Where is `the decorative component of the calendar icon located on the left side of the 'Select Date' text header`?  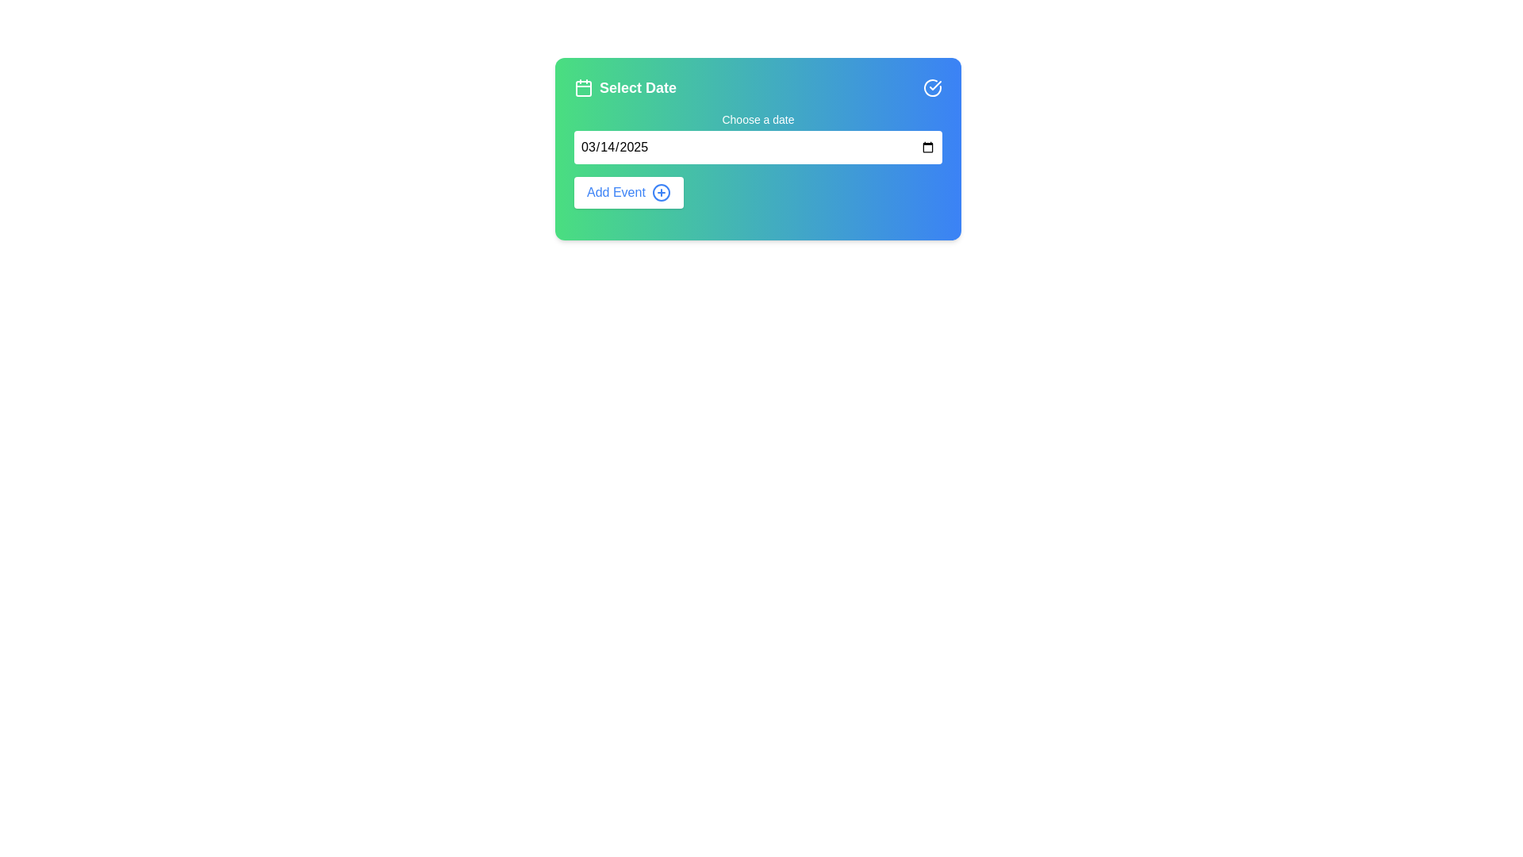 the decorative component of the calendar icon located on the left side of the 'Select Date' text header is located at coordinates (582, 88).